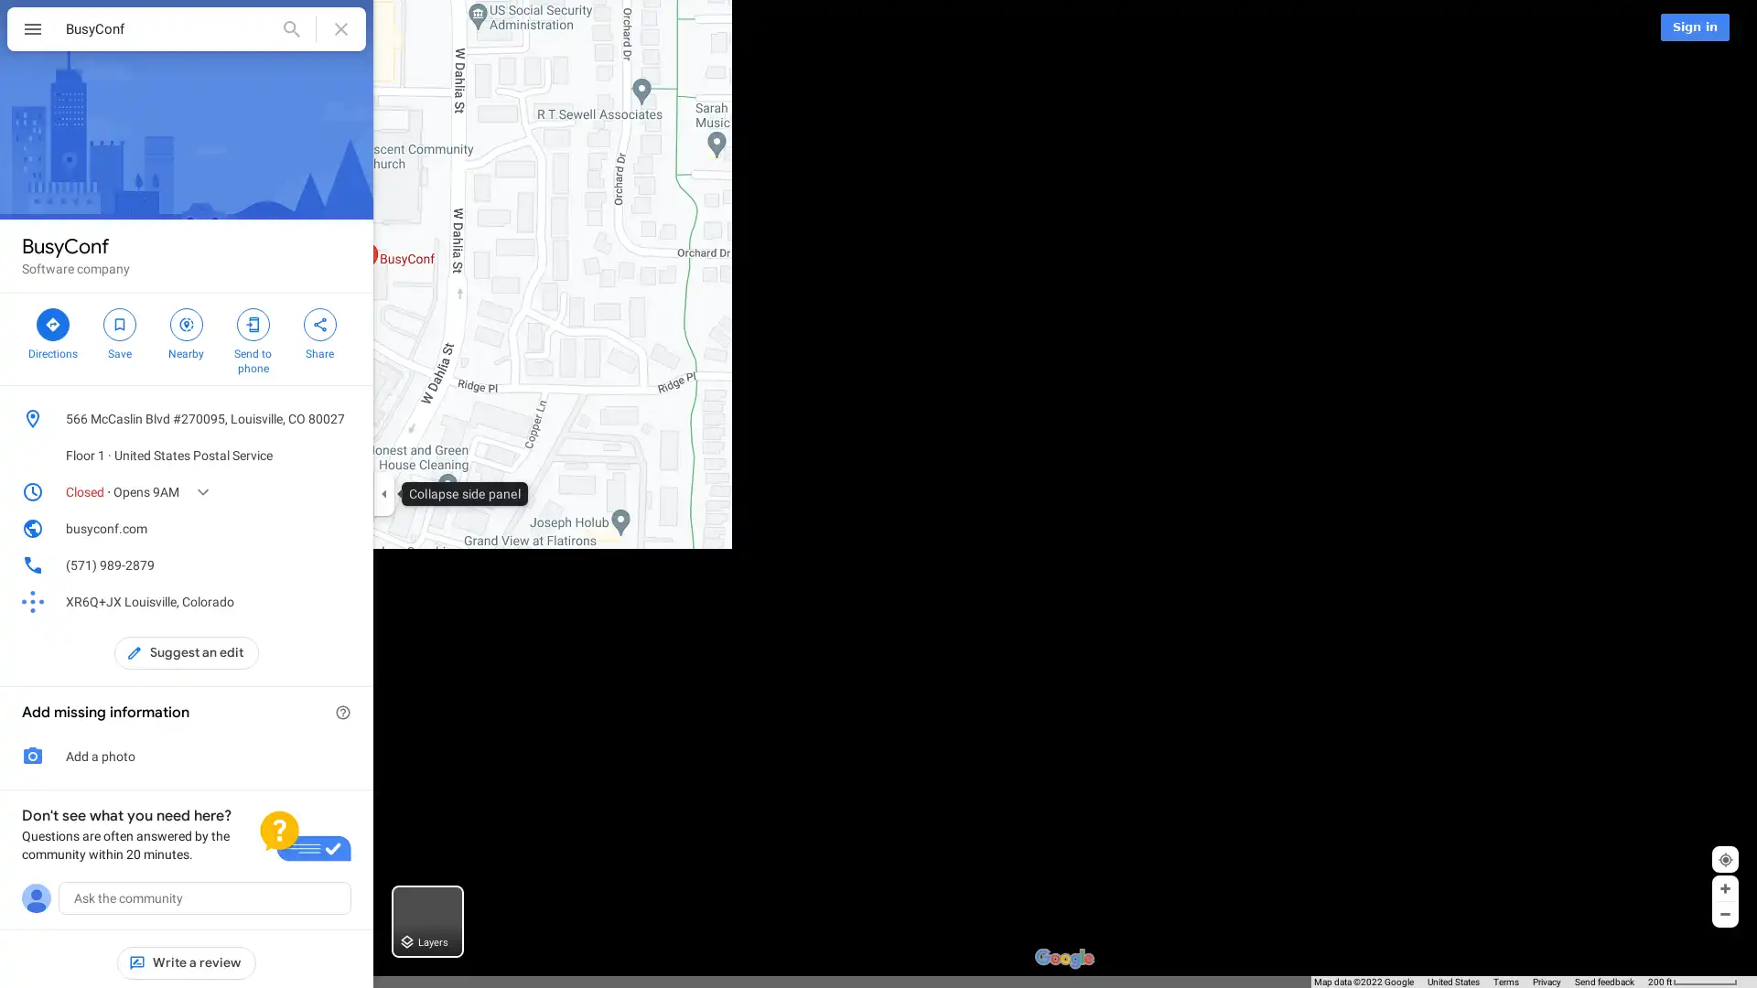 The width and height of the screenshot is (1757, 988). What do you see at coordinates (186, 331) in the screenshot?
I see `Search nearby BusyConf` at bounding box center [186, 331].